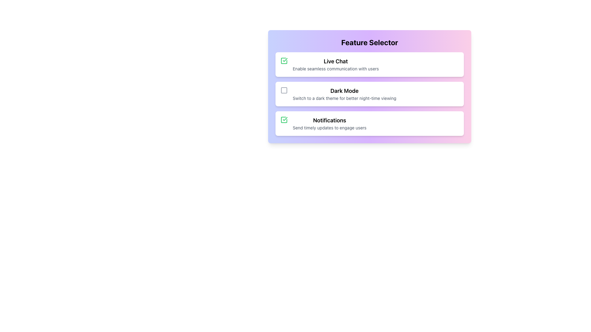  I want to click on the checkbox that indicates the active state of the 'Live Chat' feature in the 'Feature Selector' list, so click(283, 120).